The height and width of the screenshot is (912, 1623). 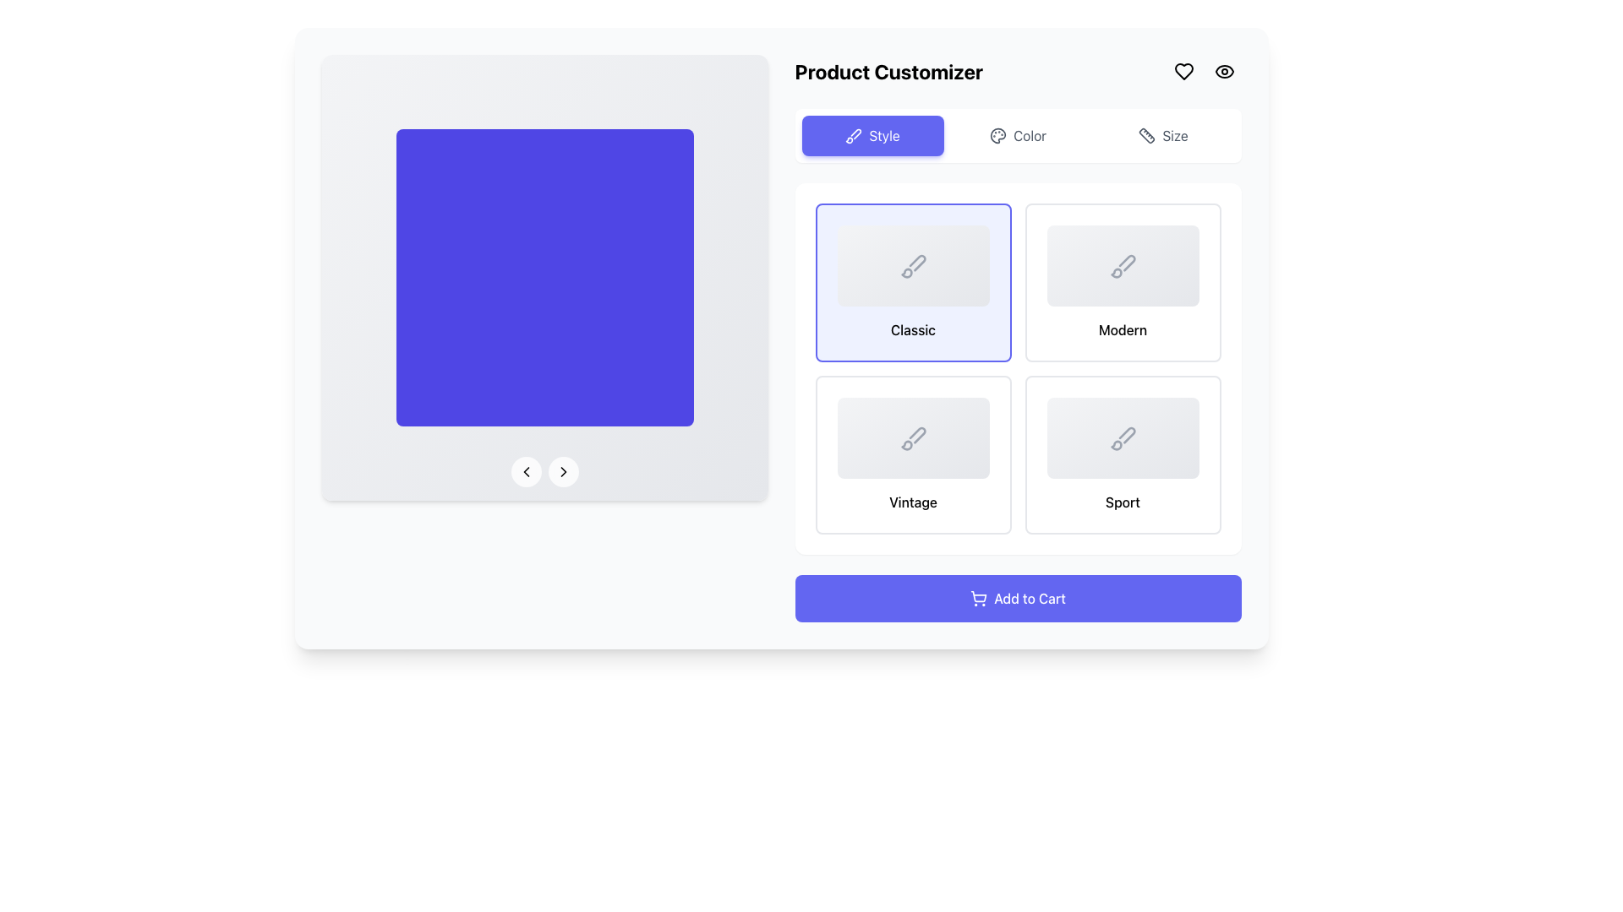 What do you see at coordinates (525, 472) in the screenshot?
I see `the left-pointing chevron arrow icon, which serves as a navigational button for moving leftward through a carousel` at bounding box center [525, 472].